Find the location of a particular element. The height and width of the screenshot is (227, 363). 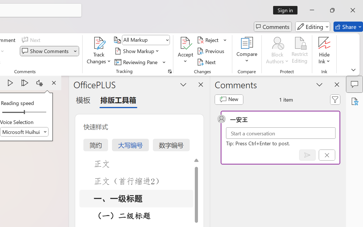

'Voice Selection' is located at coordinates (24, 131).